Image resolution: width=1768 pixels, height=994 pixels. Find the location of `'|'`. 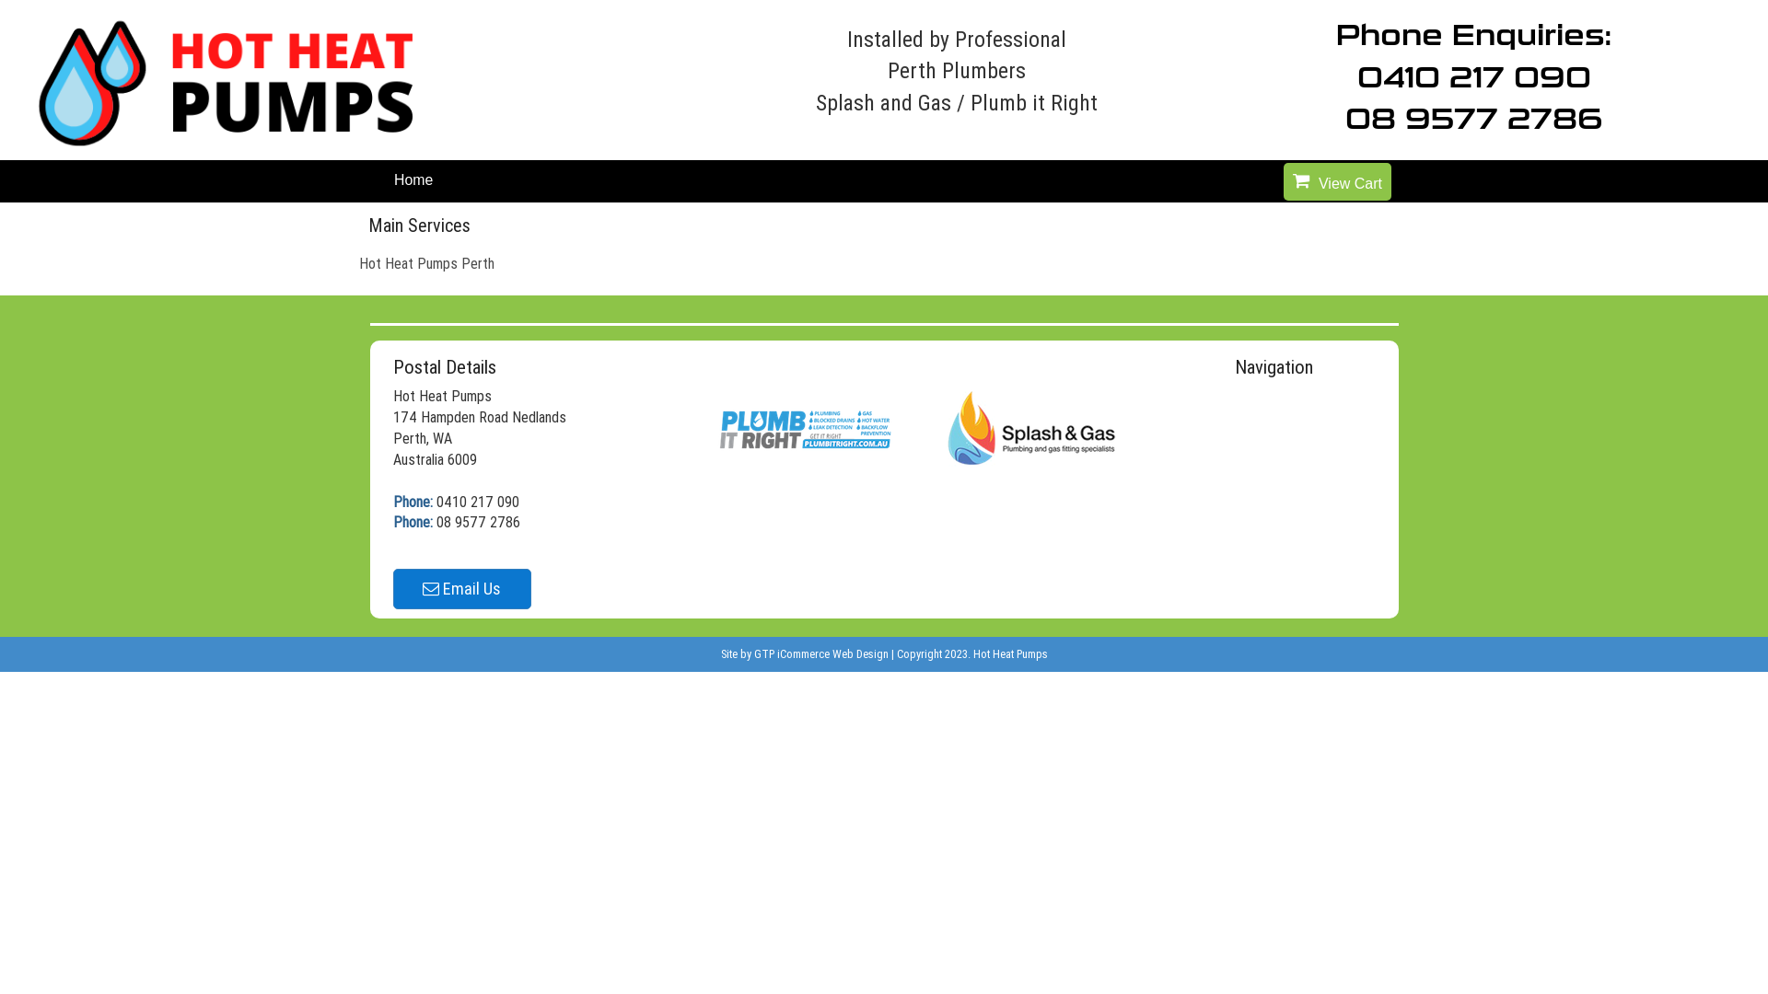

'|' is located at coordinates (892, 653).